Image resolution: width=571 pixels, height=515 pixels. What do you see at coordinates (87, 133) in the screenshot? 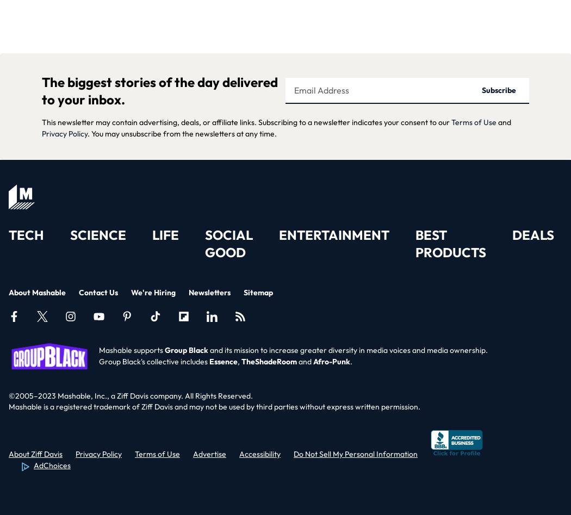
I see `'. You may unsubscribe from the newsletters at any time.'` at bounding box center [87, 133].